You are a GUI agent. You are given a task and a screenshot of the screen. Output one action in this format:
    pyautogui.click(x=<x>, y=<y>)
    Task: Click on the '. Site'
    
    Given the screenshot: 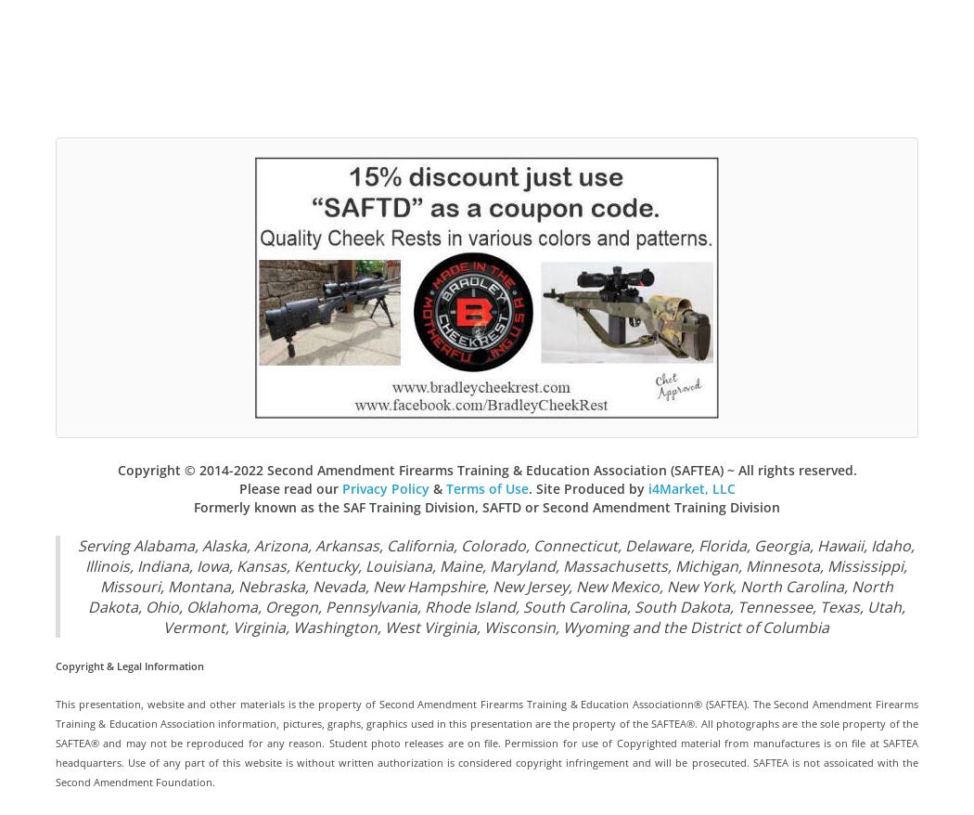 What is the action you would take?
    pyautogui.click(x=545, y=487)
    